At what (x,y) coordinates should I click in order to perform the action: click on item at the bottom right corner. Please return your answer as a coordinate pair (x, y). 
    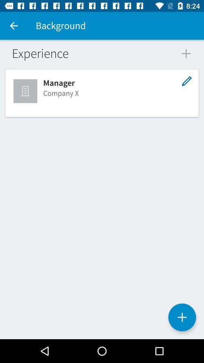
    Looking at the image, I should click on (182, 317).